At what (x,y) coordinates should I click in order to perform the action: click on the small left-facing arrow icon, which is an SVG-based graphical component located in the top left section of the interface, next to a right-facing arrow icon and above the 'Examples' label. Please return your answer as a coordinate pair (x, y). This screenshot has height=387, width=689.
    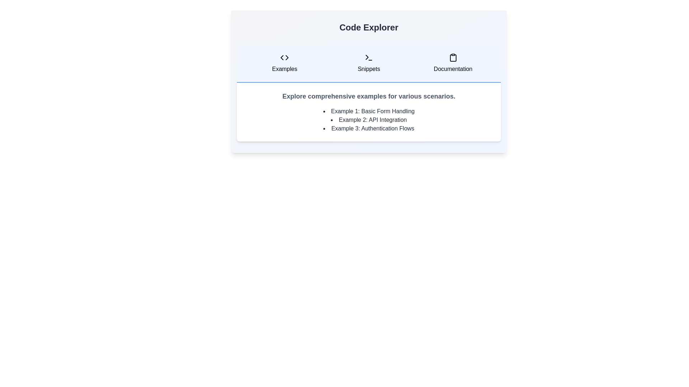
    Looking at the image, I should click on (282, 57).